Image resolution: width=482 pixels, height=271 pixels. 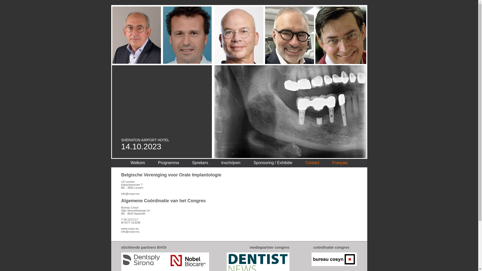 What do you see at coordinates (312, 163) in the screenshot?
I see `'Contact'` at bounding box center [312, 163].